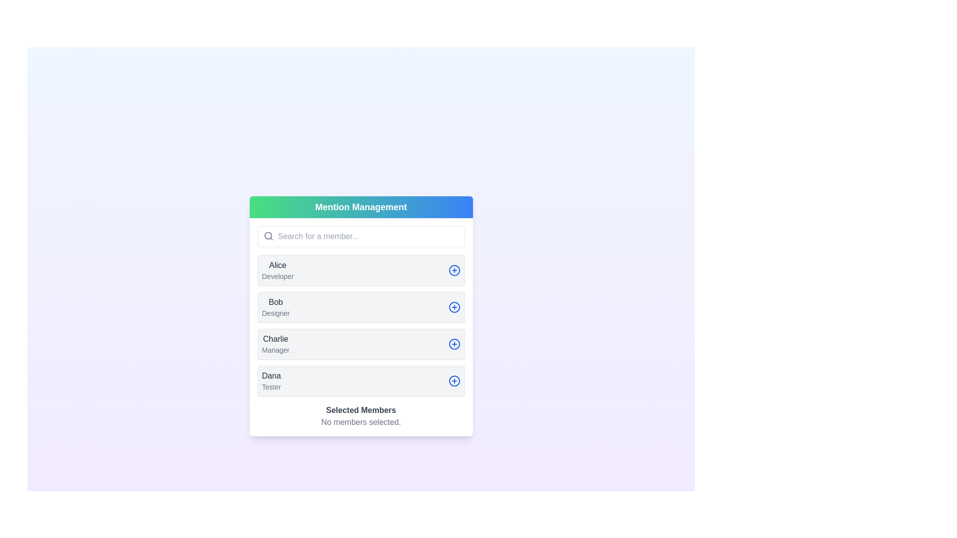  What do you see at coordinates (454, 381) in the screenshot?
I see `the icon button corresponding to 'Dana Tester'` at bounding box center [454, 381].